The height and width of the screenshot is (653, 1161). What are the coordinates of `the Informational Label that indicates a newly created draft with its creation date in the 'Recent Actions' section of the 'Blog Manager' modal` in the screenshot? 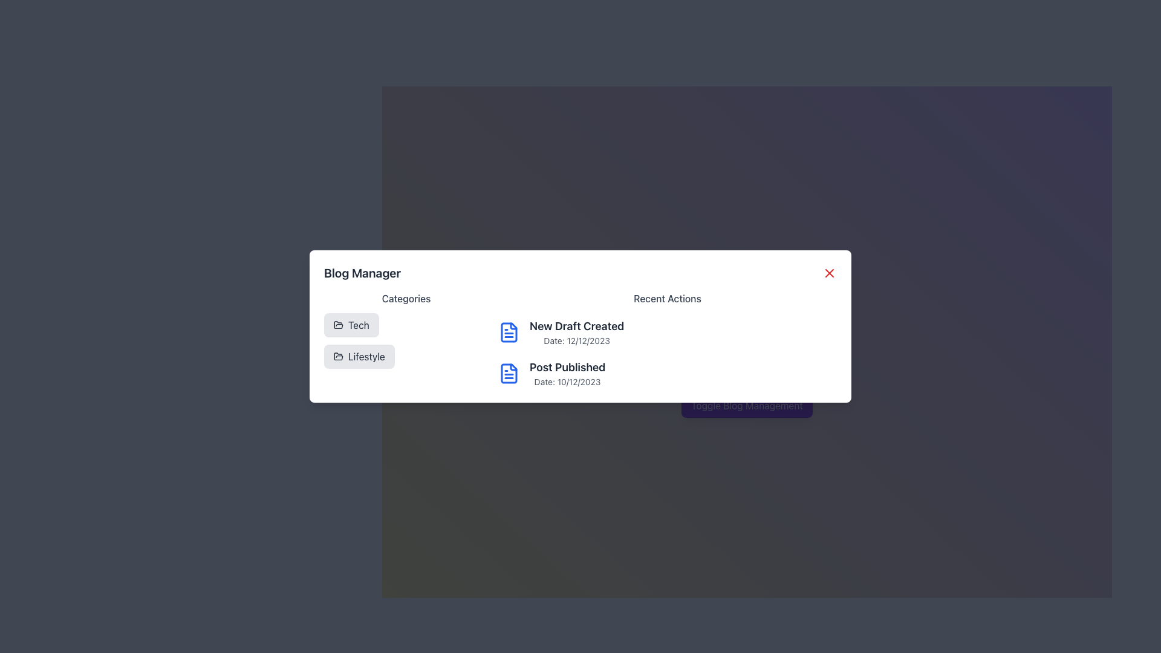 It's located at (576, 333).